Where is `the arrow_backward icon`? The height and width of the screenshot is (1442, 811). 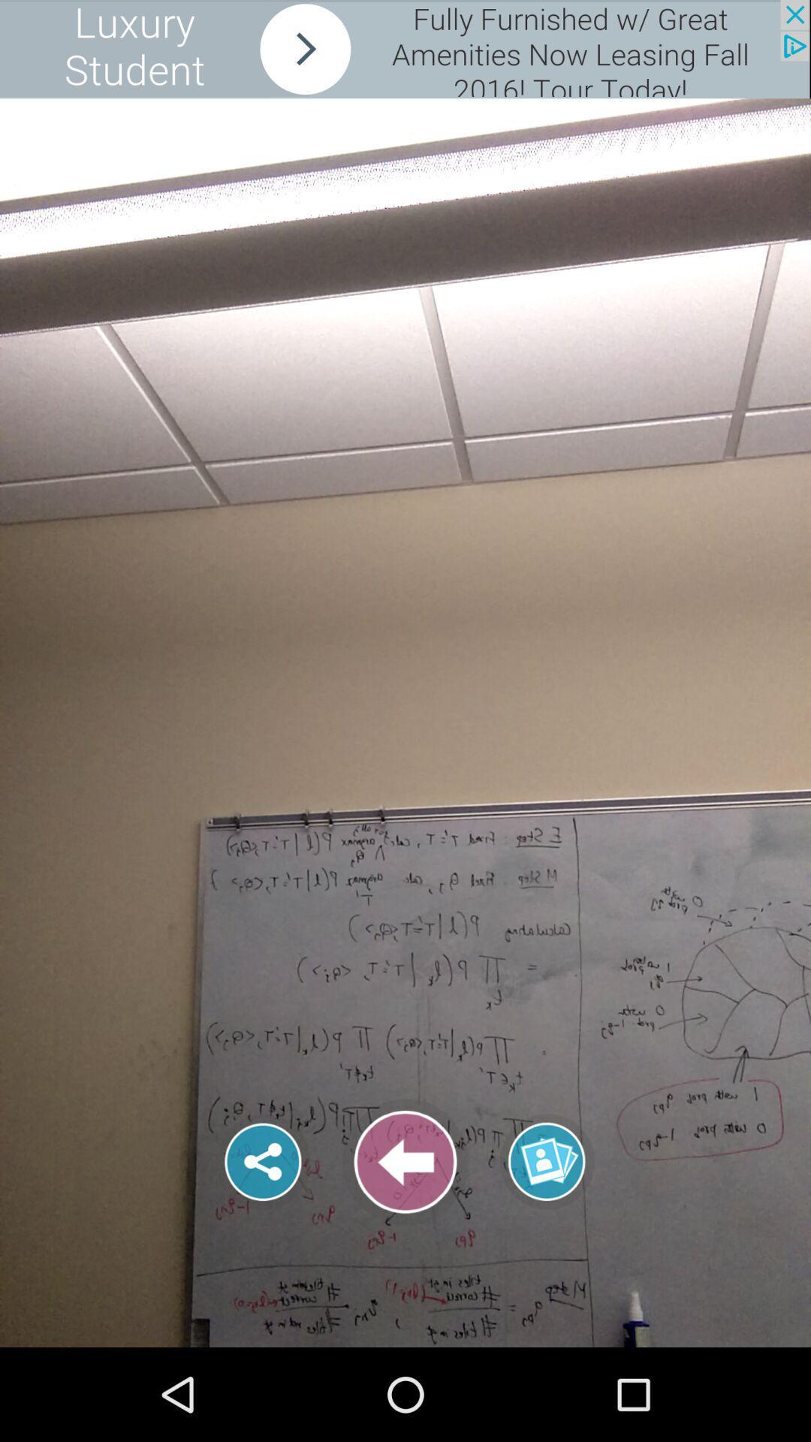
the arrow_backward icon is located at coordinates (405, 1161).